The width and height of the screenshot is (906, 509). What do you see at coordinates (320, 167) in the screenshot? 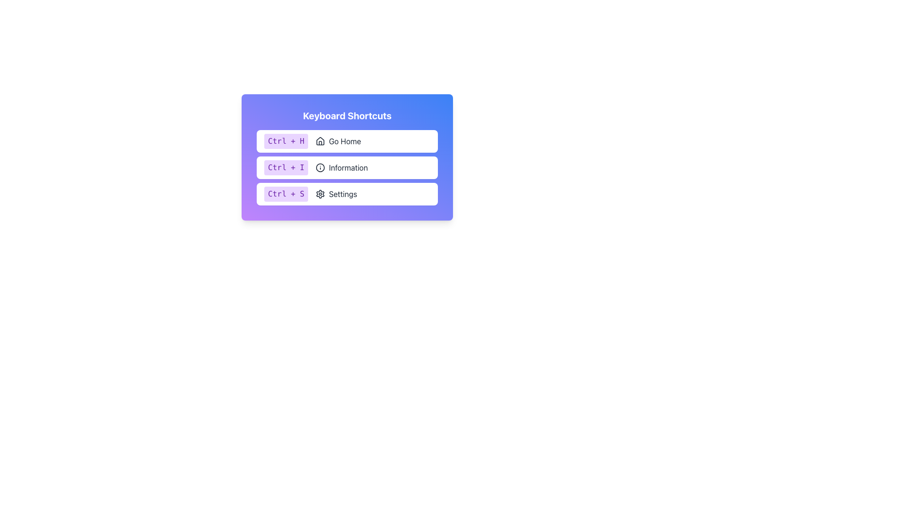
I see `the circular border of the information icon located in the middle row of the shortcut list` at bounding box center [320, 167].